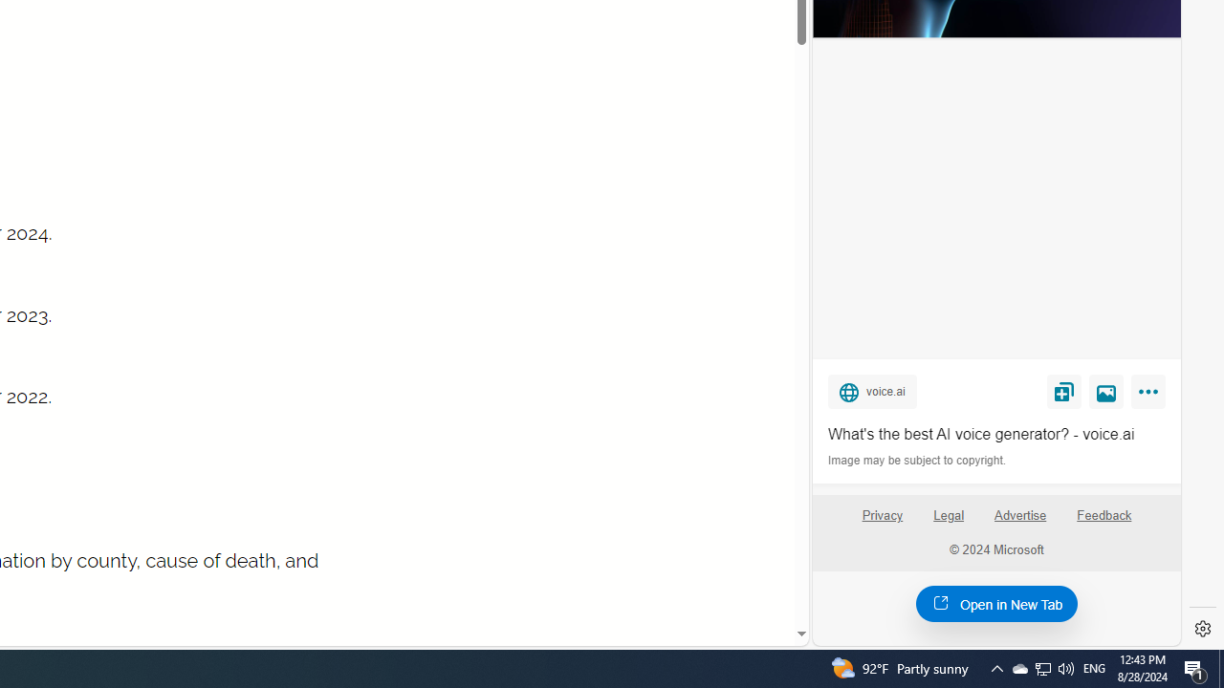 The width and height of the screenshot is (1224, 688). I want to click on 'View image', so click(1106, 390).